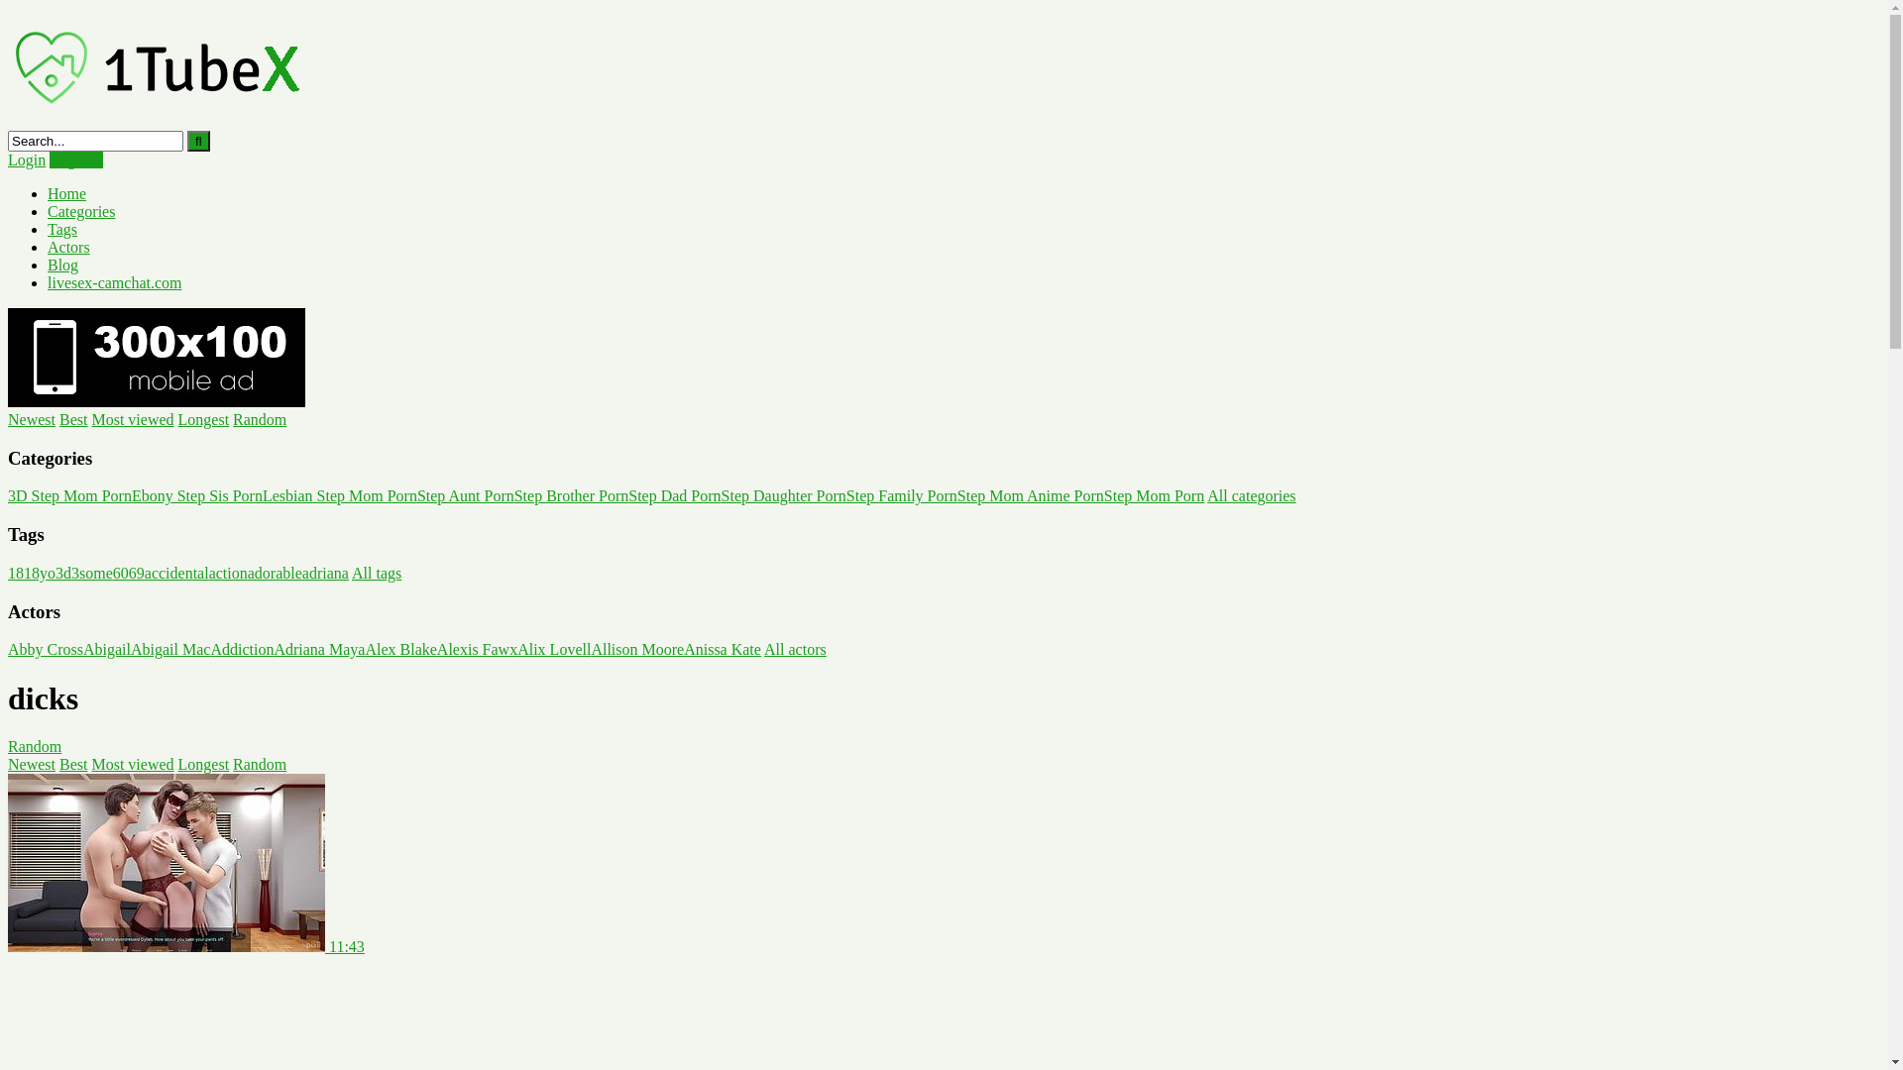 This screenshot has height=1070, width=1903. What do you see at coordinates (1031, 494) in the screenshot?
I see `'Step Mom Anime Porn'` at bounding box center [1031, 494].